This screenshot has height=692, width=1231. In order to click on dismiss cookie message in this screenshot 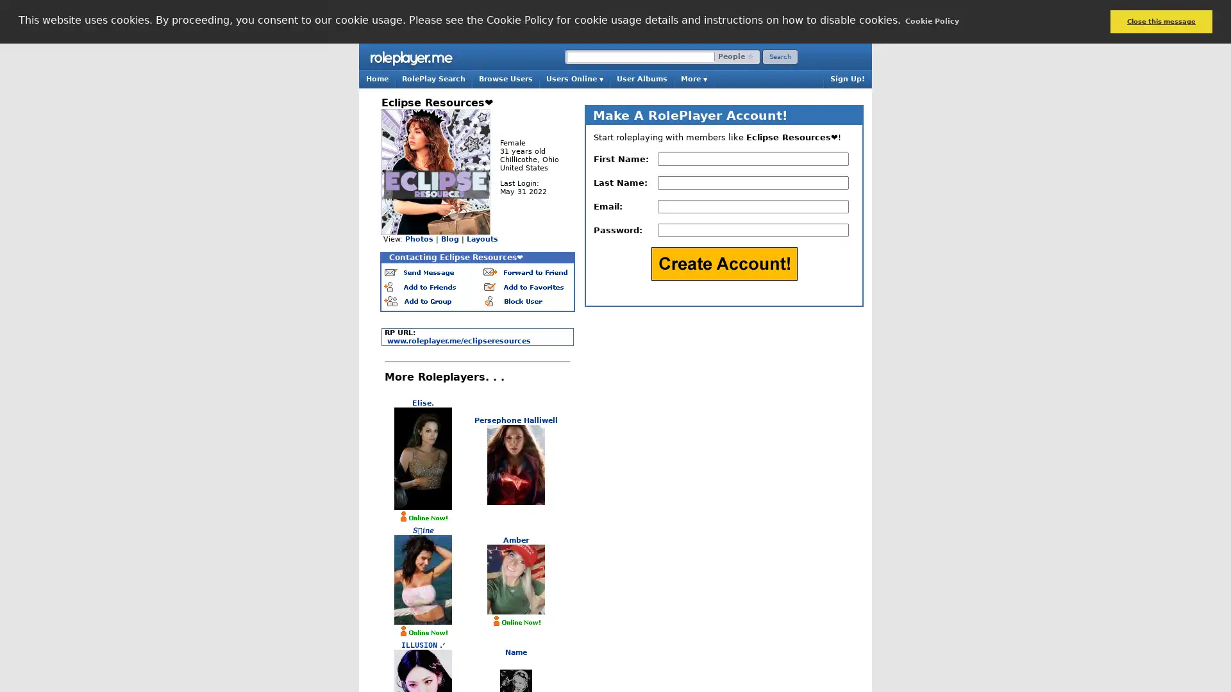, I will do `click(1160, 21)`.